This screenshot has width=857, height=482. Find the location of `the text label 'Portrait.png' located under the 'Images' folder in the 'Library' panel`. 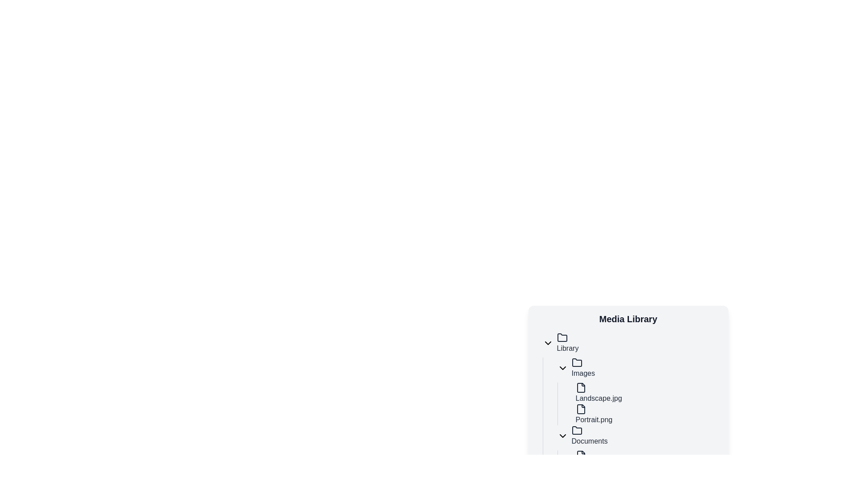

the text label 'Portrait.png' located under the 'Images' folder in the 'Library' panel is located at coordinates (594, 415).